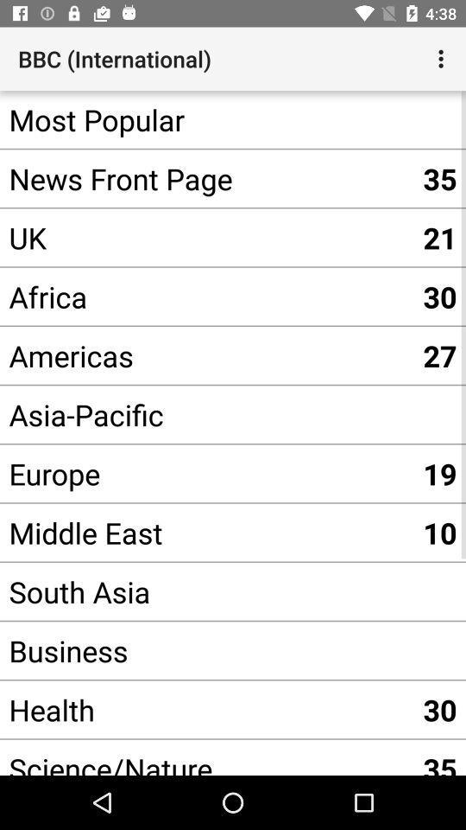  Describe the element at coordinates (206, 414) in the screenshot. I see `the app to the left of the 27 item` at that location.